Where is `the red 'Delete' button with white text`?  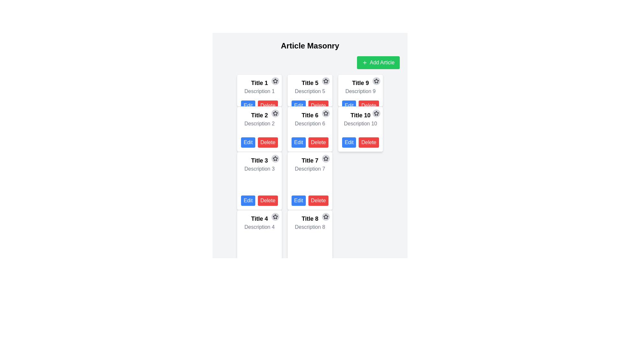 the red 'Delete' button with white text is located at coordinates (268, 142).